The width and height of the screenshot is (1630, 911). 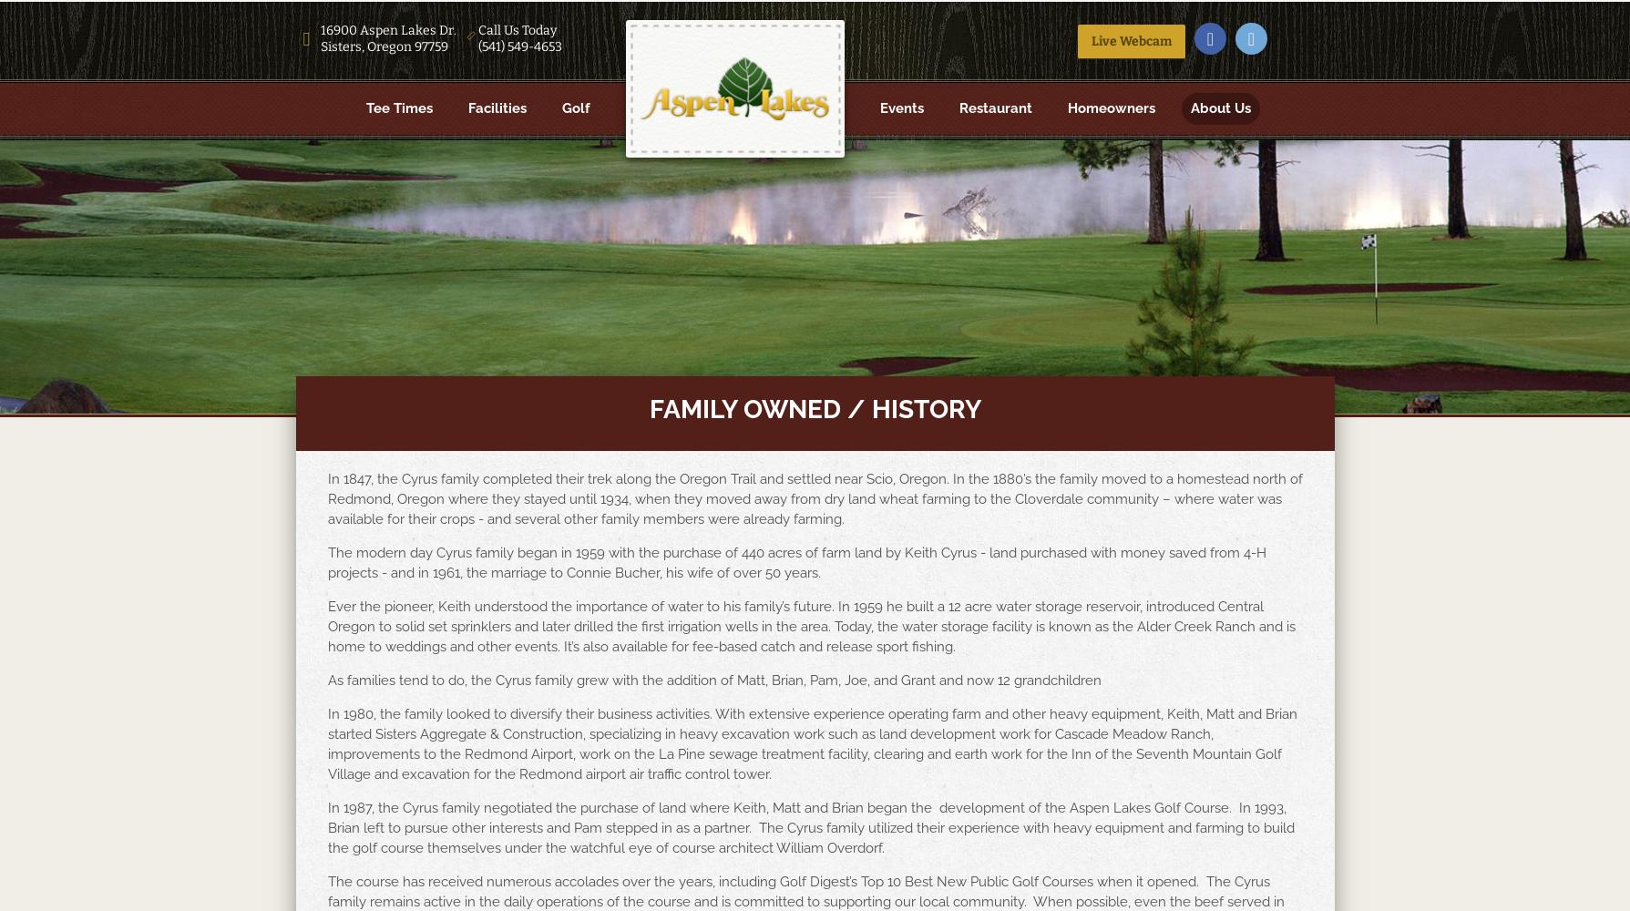 I want to click on 'In 1847, the Cyrus family completed their trek along the Oregon Trail and settled near Scio, Oregon. In the 1880’s the family moved to a homestead north of Redmond, Oregon where they stayed until 1934, when they moved away from dry land wheat farming to the Cloverdale community – where water was available for their crops - and several other family members were already farming.', so click(x=326, y=499).